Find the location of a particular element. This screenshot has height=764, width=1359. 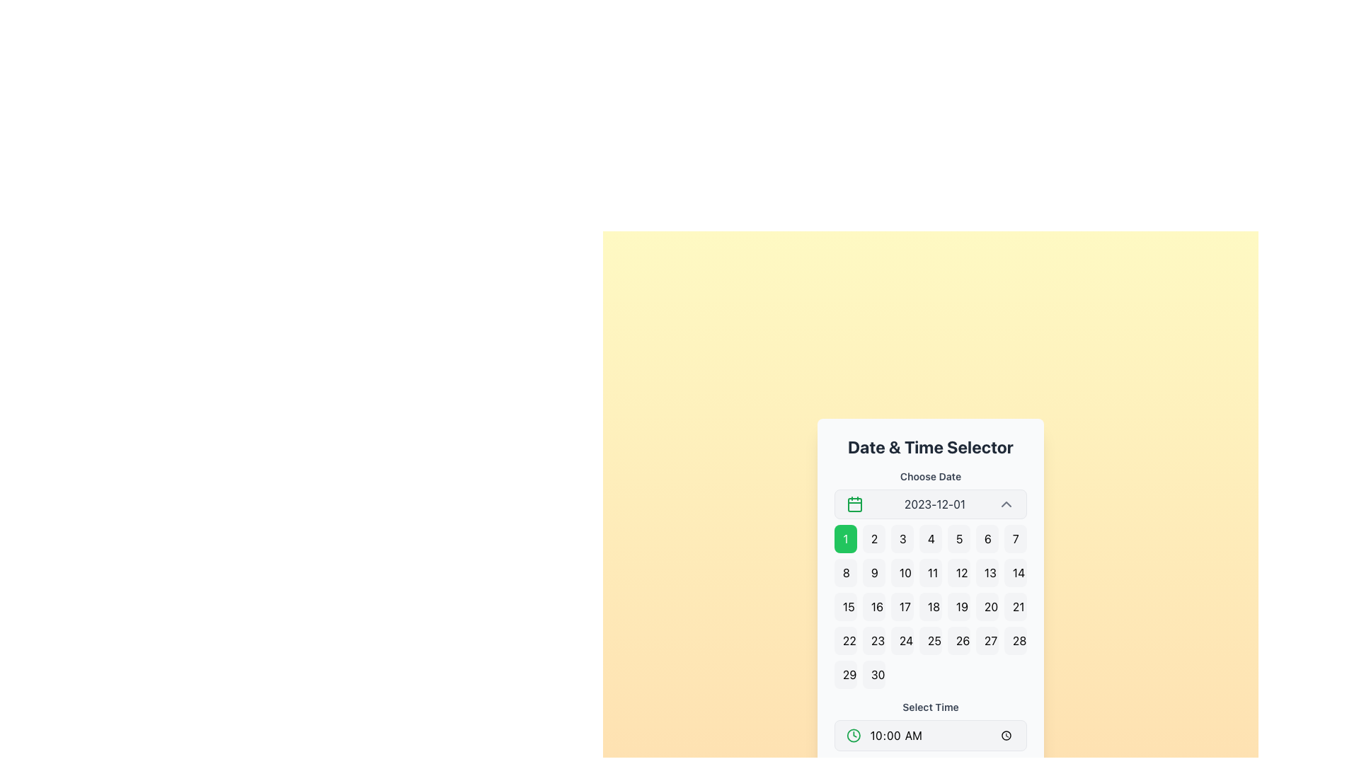

the rectangular button with rounded corners that displays the number '22' in black font is located at coordinates (846, 641).